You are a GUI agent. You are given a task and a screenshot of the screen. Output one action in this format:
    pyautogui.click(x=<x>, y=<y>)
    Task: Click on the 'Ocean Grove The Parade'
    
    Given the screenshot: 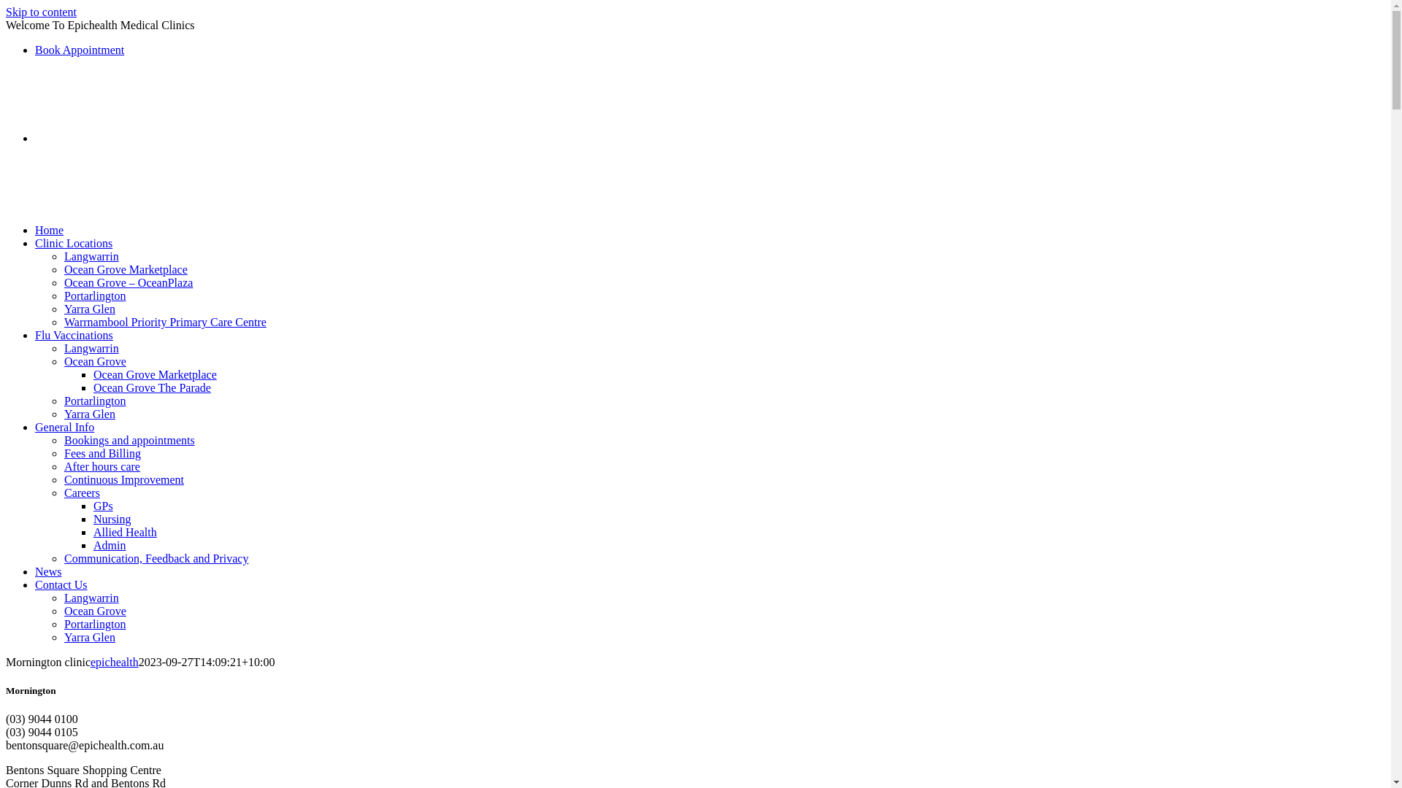 What is the action you would take?
    pyautogui.click(x=93, y=387)
    